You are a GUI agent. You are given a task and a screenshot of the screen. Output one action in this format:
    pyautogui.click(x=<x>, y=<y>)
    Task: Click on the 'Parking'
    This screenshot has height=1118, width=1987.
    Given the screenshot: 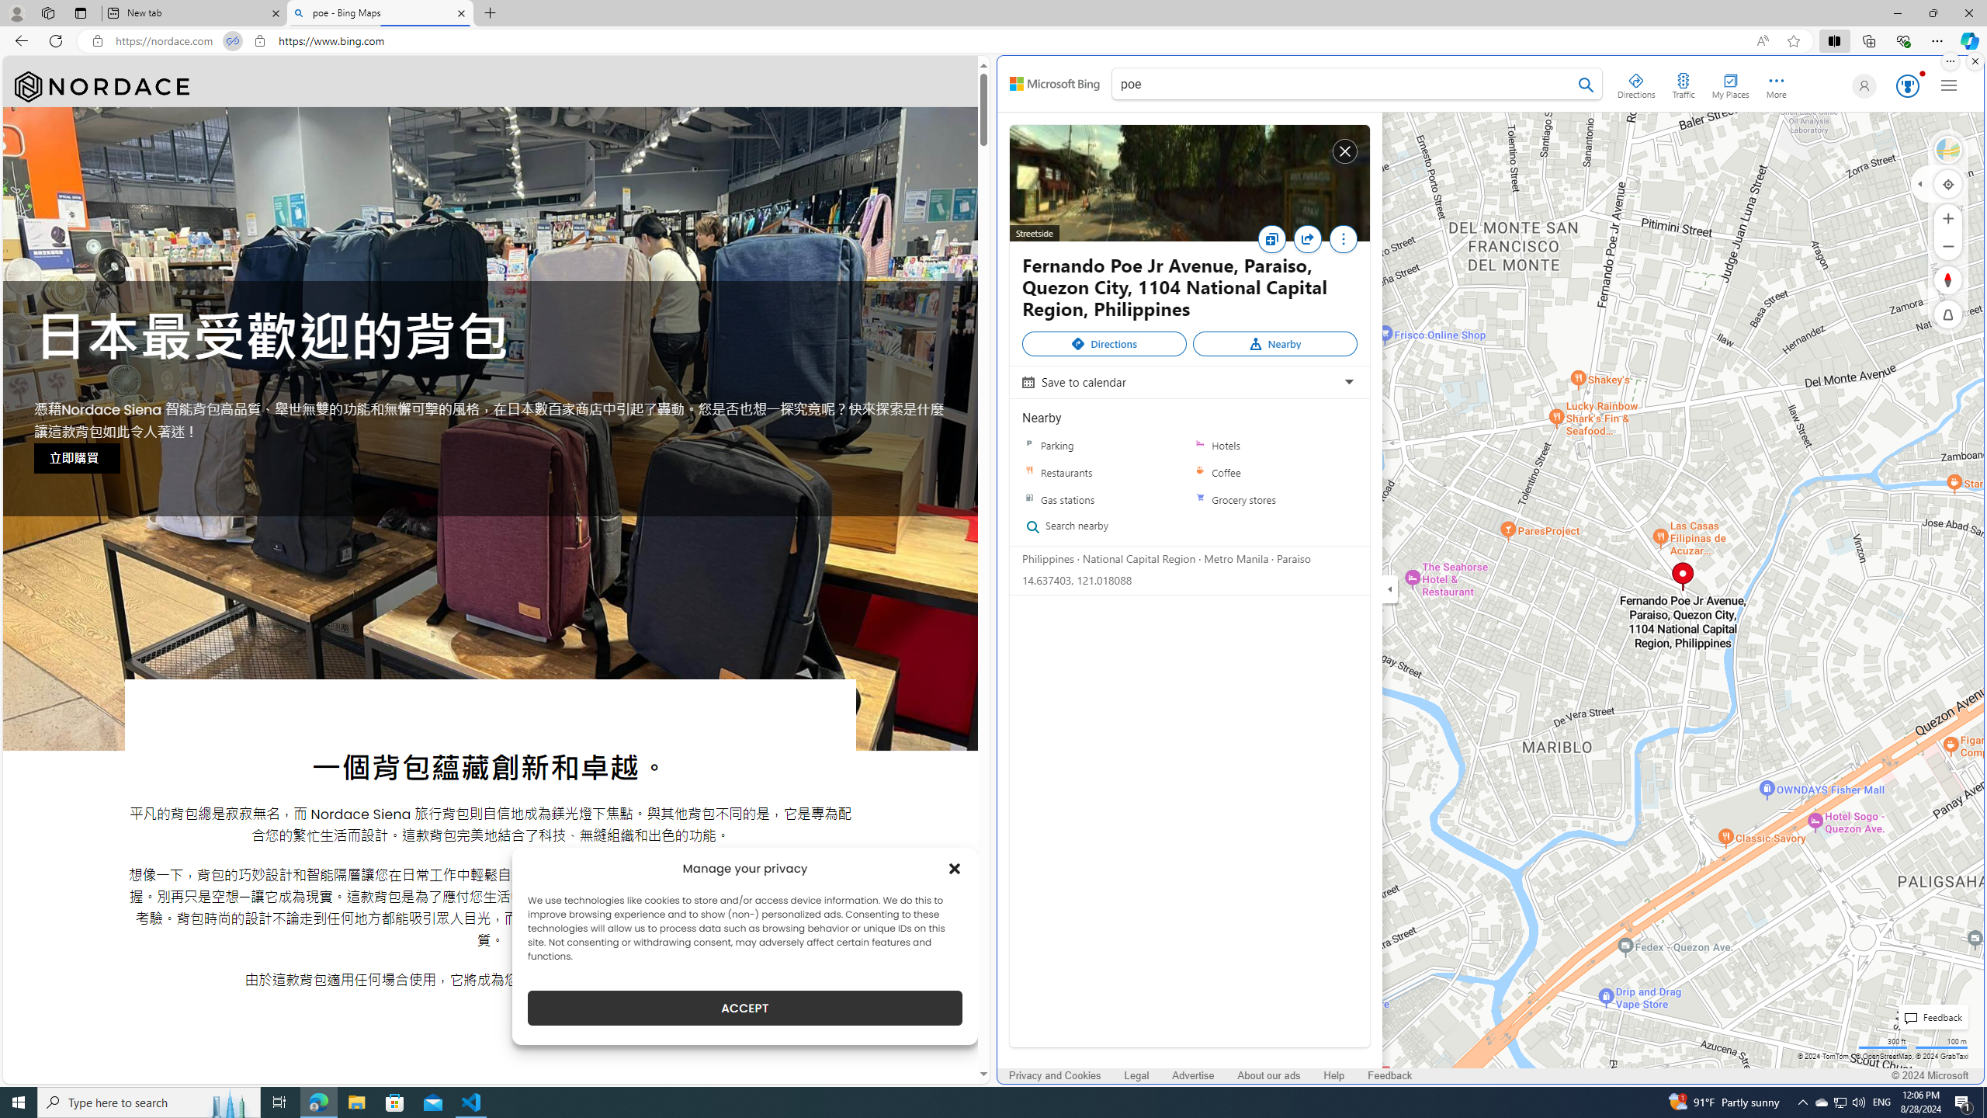 What is the action you would take?
    pyautogui.click(x=1104, y=444)
    